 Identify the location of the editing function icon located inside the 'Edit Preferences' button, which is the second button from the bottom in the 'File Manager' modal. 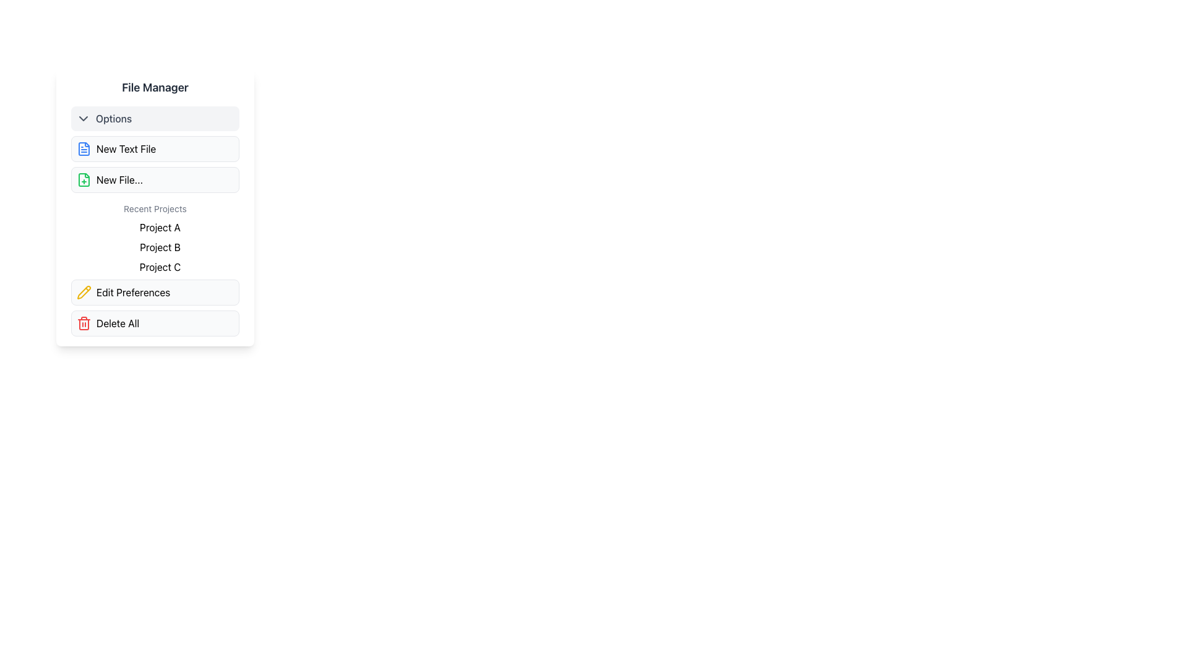
(83, 293).